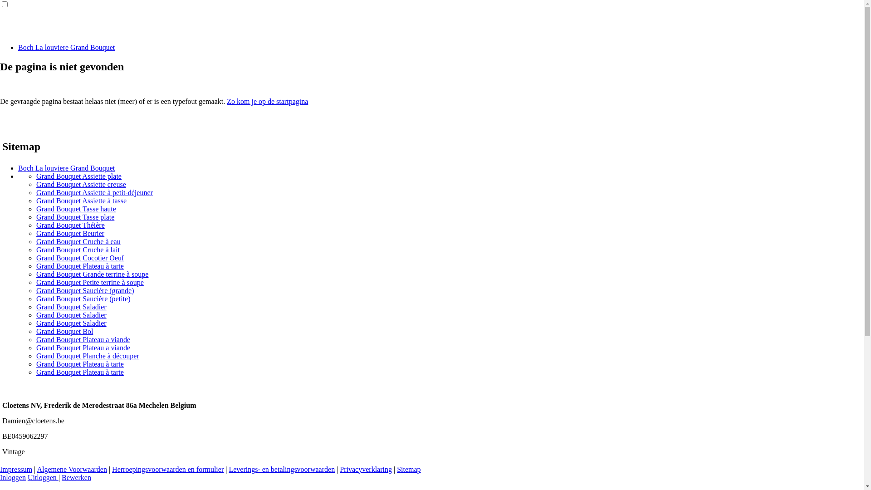 The image size is (871, 490). I want to click on 'Zo kom je op de startpagina', so click(267, 101).